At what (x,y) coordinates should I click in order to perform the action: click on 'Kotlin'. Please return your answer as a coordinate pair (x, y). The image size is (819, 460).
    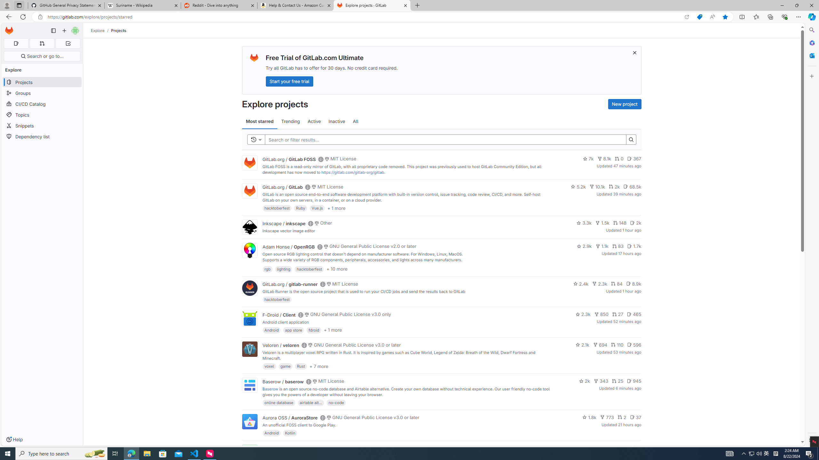
    Looking at the image, I should click on (290, 433).